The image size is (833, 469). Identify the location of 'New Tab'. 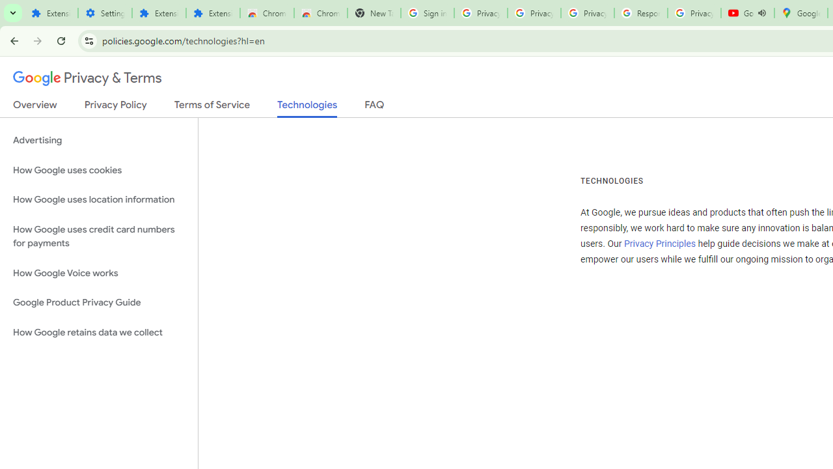
(373, 13).